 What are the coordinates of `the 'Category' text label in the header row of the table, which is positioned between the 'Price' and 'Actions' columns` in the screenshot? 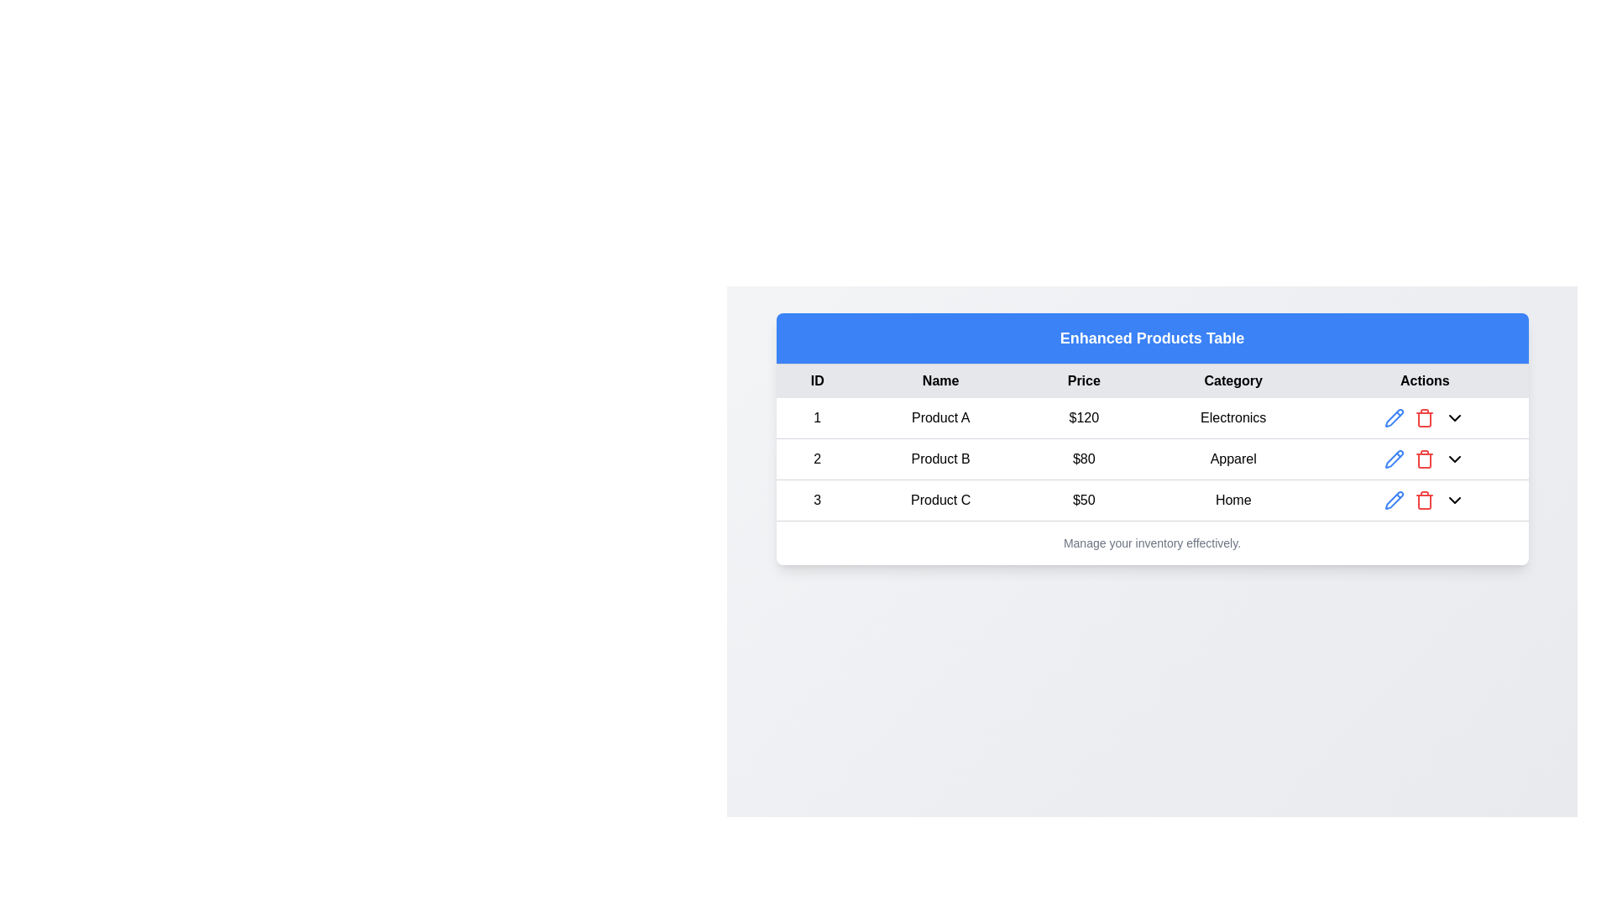 It's located at (1233, 380).